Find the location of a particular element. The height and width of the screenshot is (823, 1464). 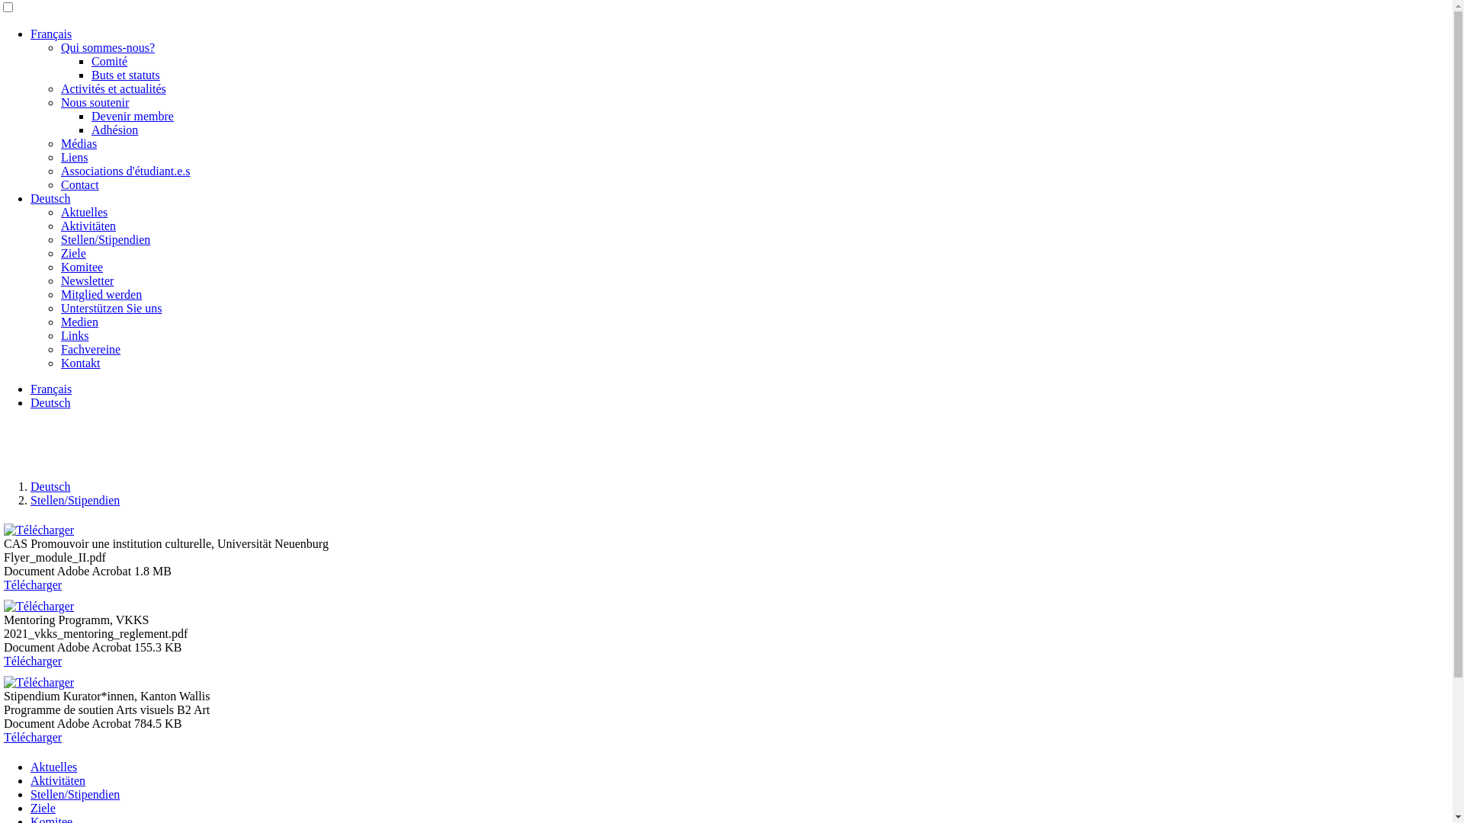

'Qui sommes-nous?' is located at coordinates (107, 46).